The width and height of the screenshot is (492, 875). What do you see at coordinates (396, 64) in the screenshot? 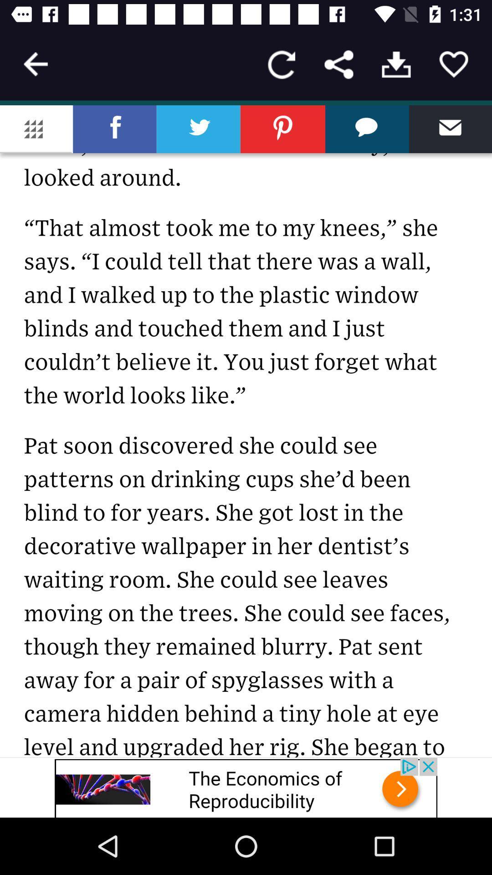
I see `download icon` at bounding box center [396, 64].